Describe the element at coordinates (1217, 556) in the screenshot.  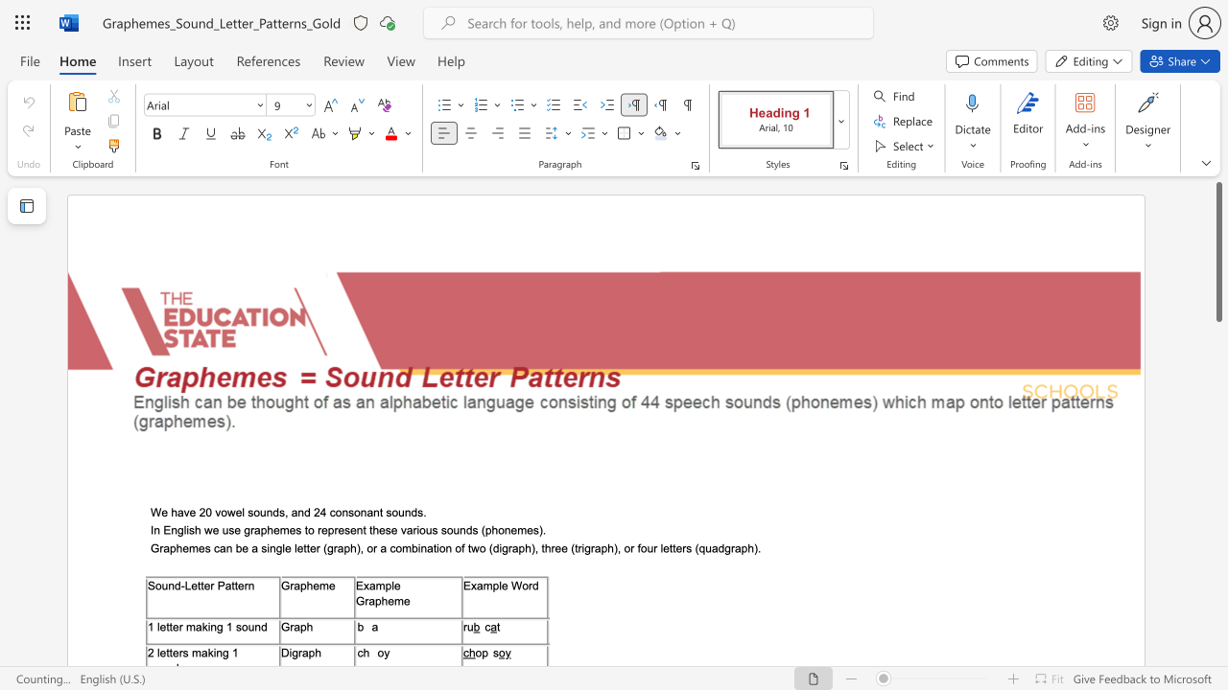
I see `the right-hand scrollbar to descend the page` at that location.